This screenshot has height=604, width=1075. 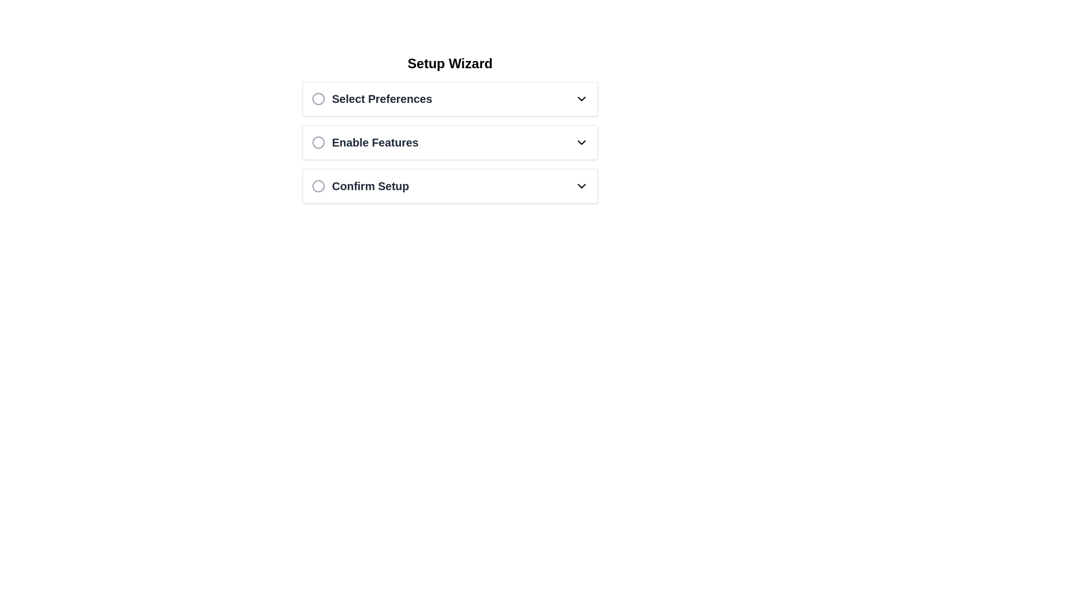 What do you see at coordinates (581, 185) in the screenshot?
I see `the chevron icon located at the far right of the 'Confirm Setup' section` at bounding box center [581, 185].